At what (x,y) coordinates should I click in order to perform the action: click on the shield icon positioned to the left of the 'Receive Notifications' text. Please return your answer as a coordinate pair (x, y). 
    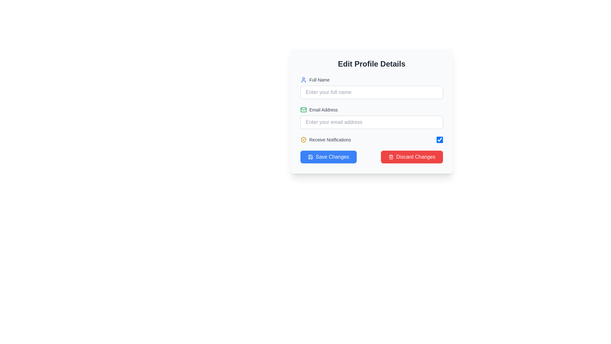
    Looking at the image, I should click on (303, 140).